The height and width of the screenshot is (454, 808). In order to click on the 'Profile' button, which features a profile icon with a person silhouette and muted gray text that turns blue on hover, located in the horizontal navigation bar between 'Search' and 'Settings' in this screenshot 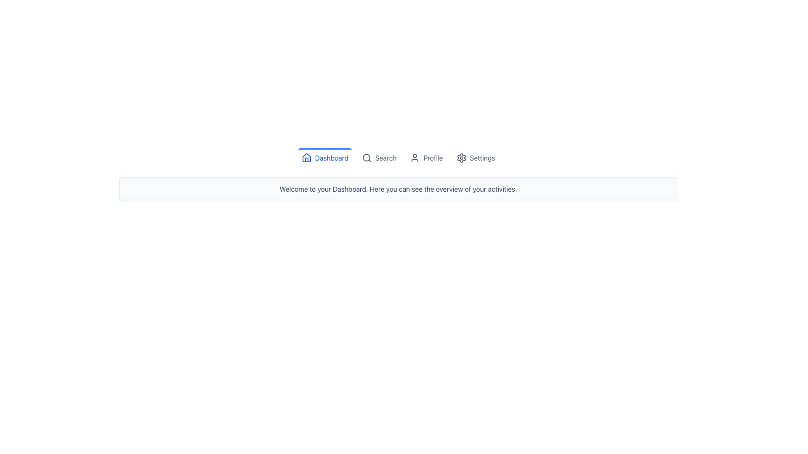, I will do `click(426, 157)`.